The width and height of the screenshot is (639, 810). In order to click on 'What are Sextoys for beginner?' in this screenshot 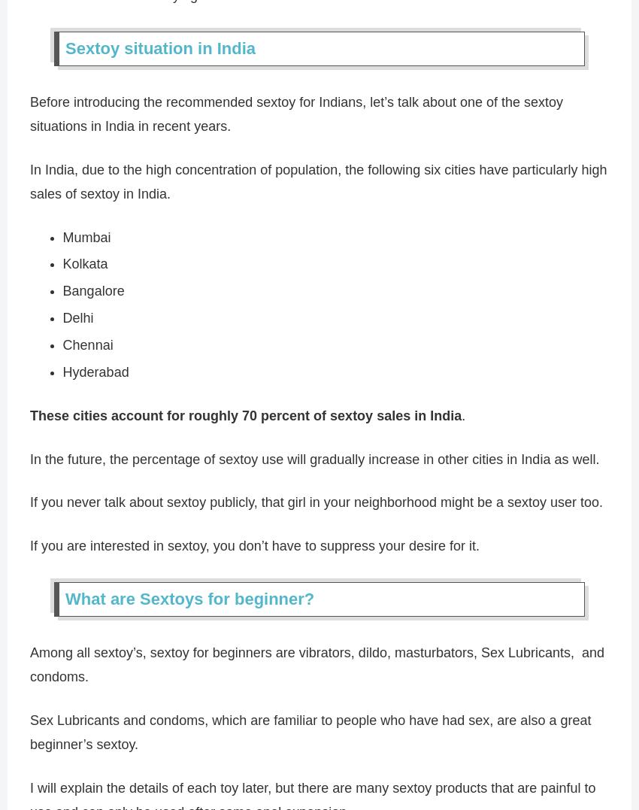, I will do `click(189, 599)`.